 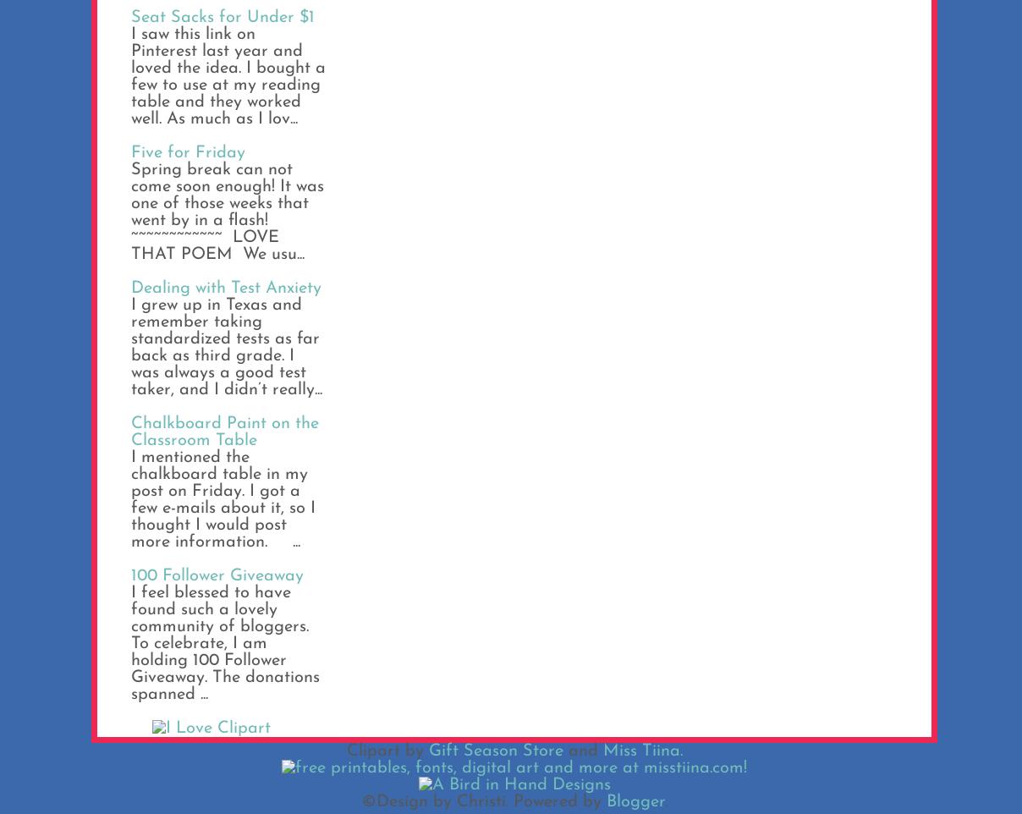 I want to click on 'Gift Season Store', so click(x=495, y=751).